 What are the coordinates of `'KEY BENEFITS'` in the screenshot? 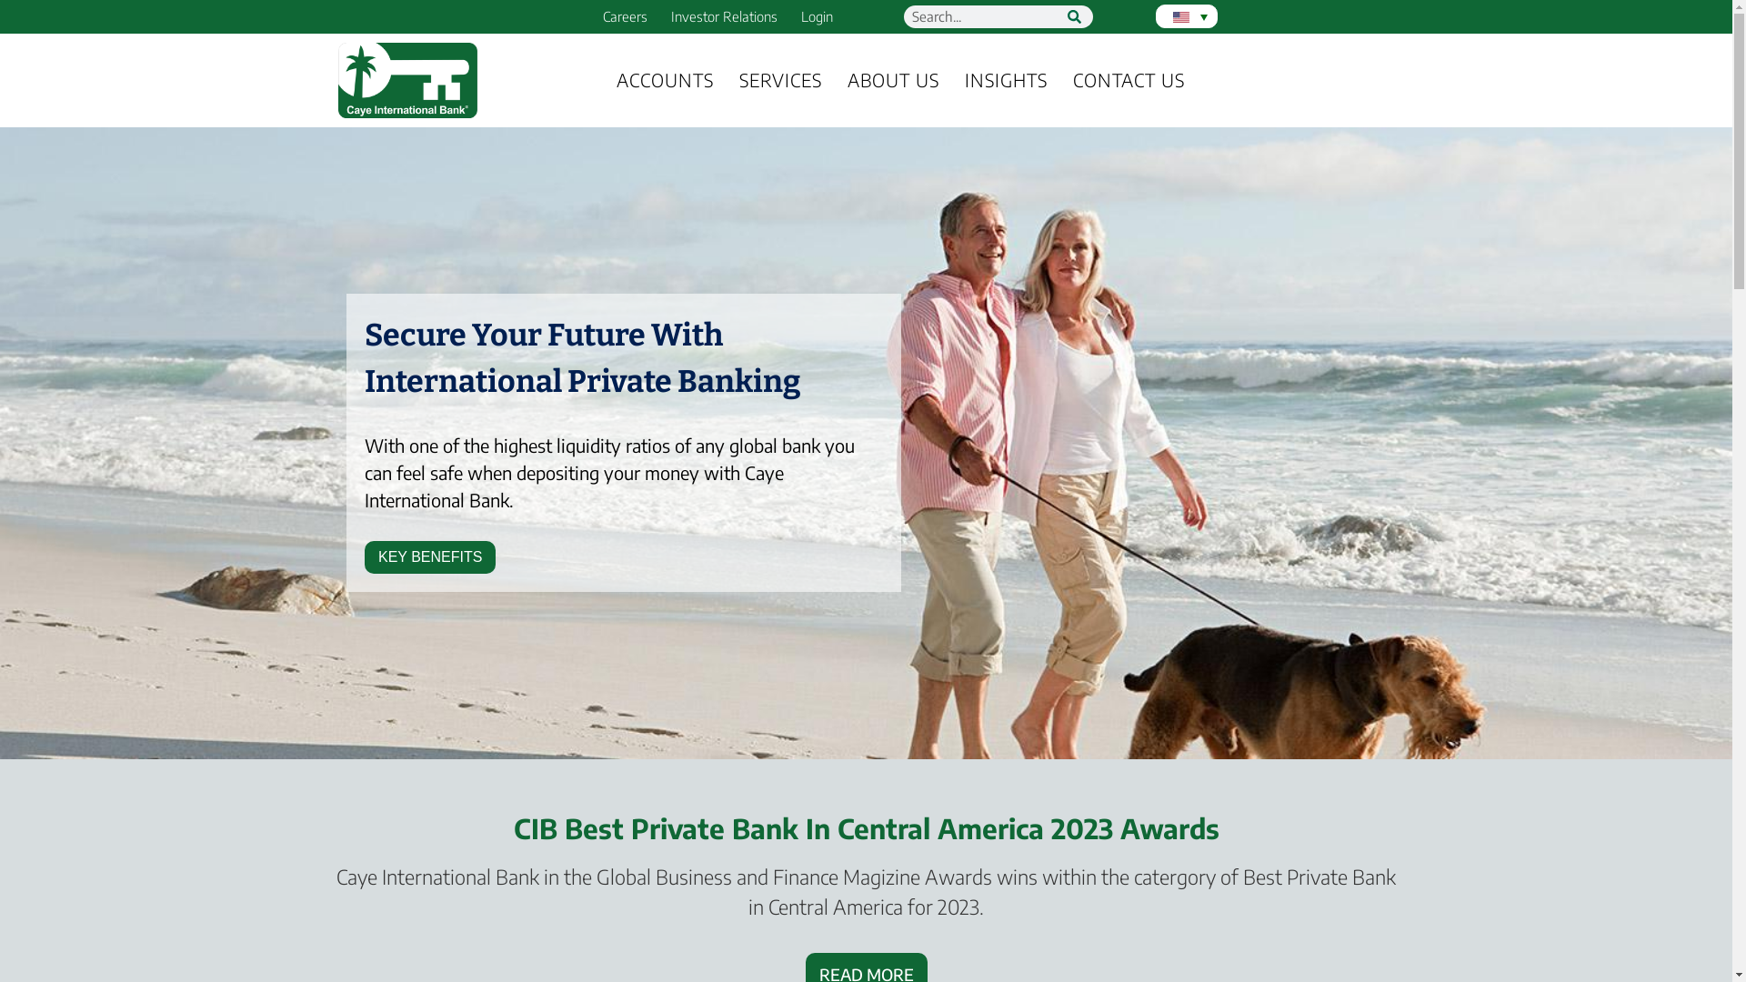 It's located at (429, 556).